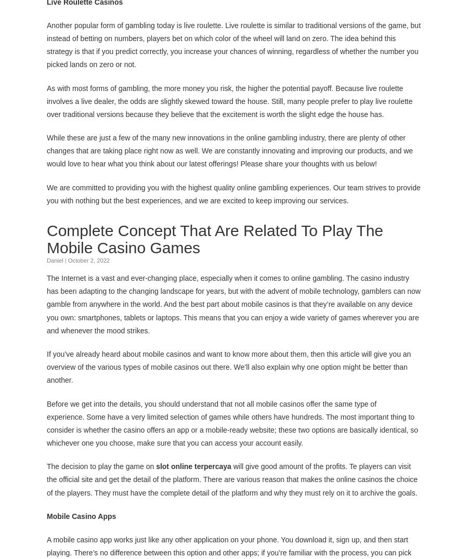 This screenshot has width=468, height=559. Describe the element at coordinates (193, 465) in the screenshot. I see `'slot online terpercaya'` at that location.